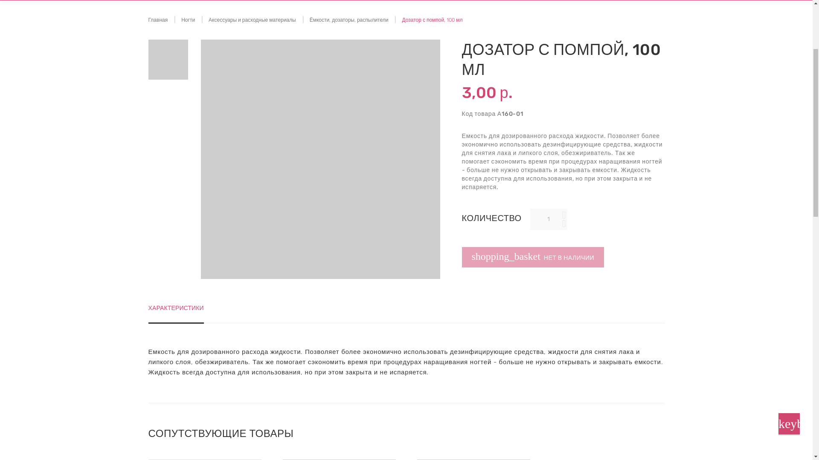 Image resolution: width=819 pixels, height=460 pixels. What do you see at coordinates (183, 27) in the screenshot?
I see `'Nogotki '` at bounding box center [183, 27].